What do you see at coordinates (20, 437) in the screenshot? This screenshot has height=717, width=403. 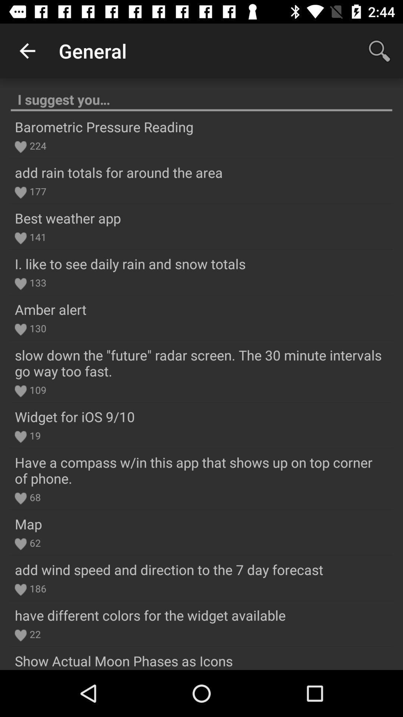 I see `the icon to the left of 19 icon` at bounding box center [20, 437].